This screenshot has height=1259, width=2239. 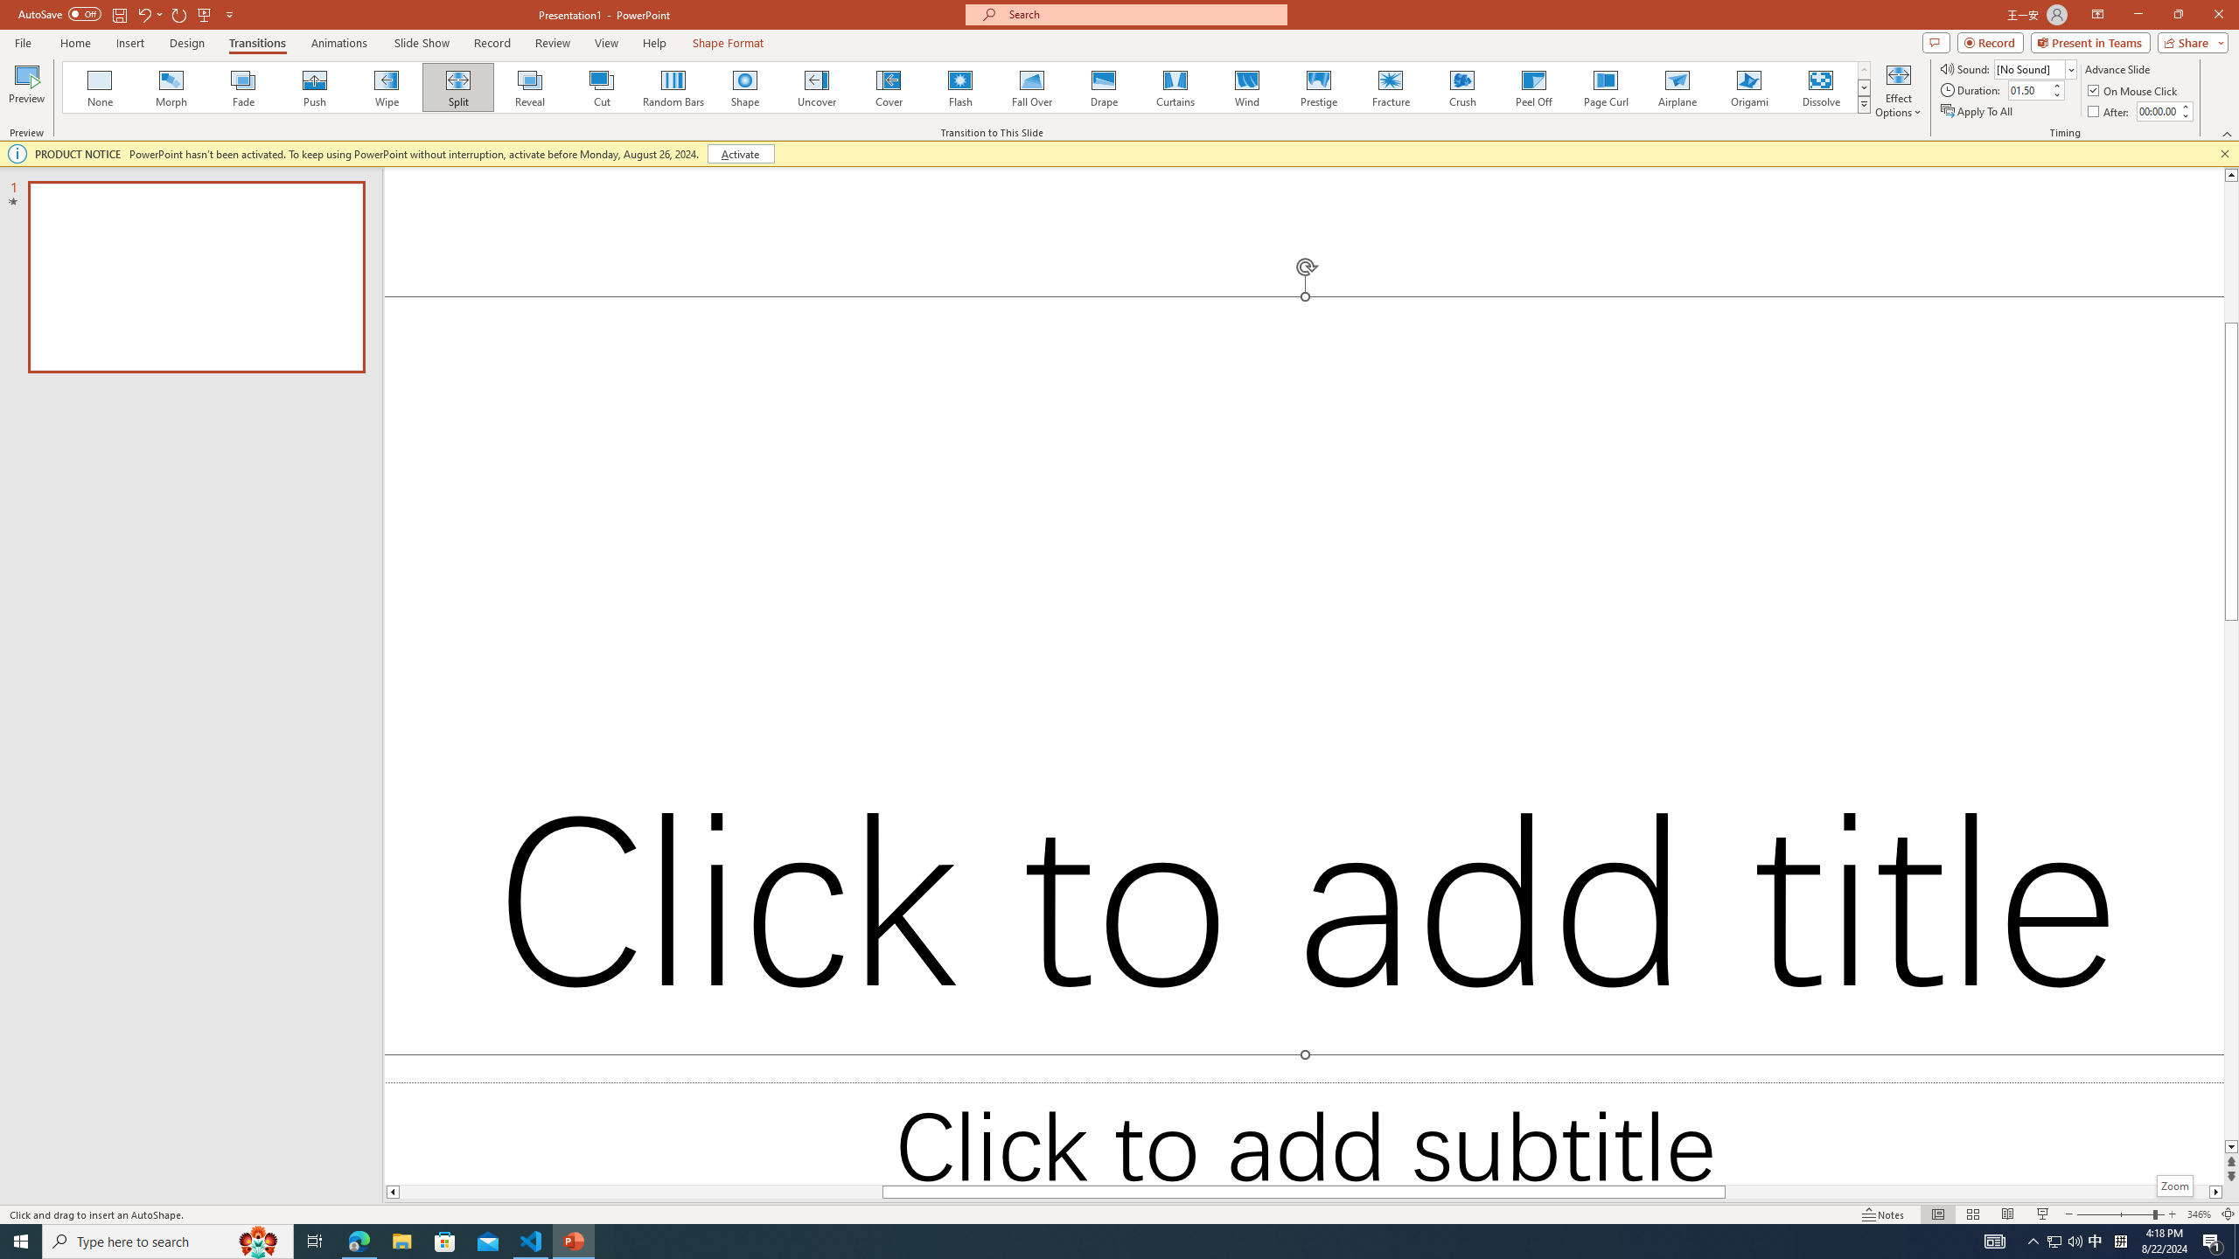 What do you see at coordinates (100, 87) in the screenshot?
I see `'None'` at bounding box center [100, 87].